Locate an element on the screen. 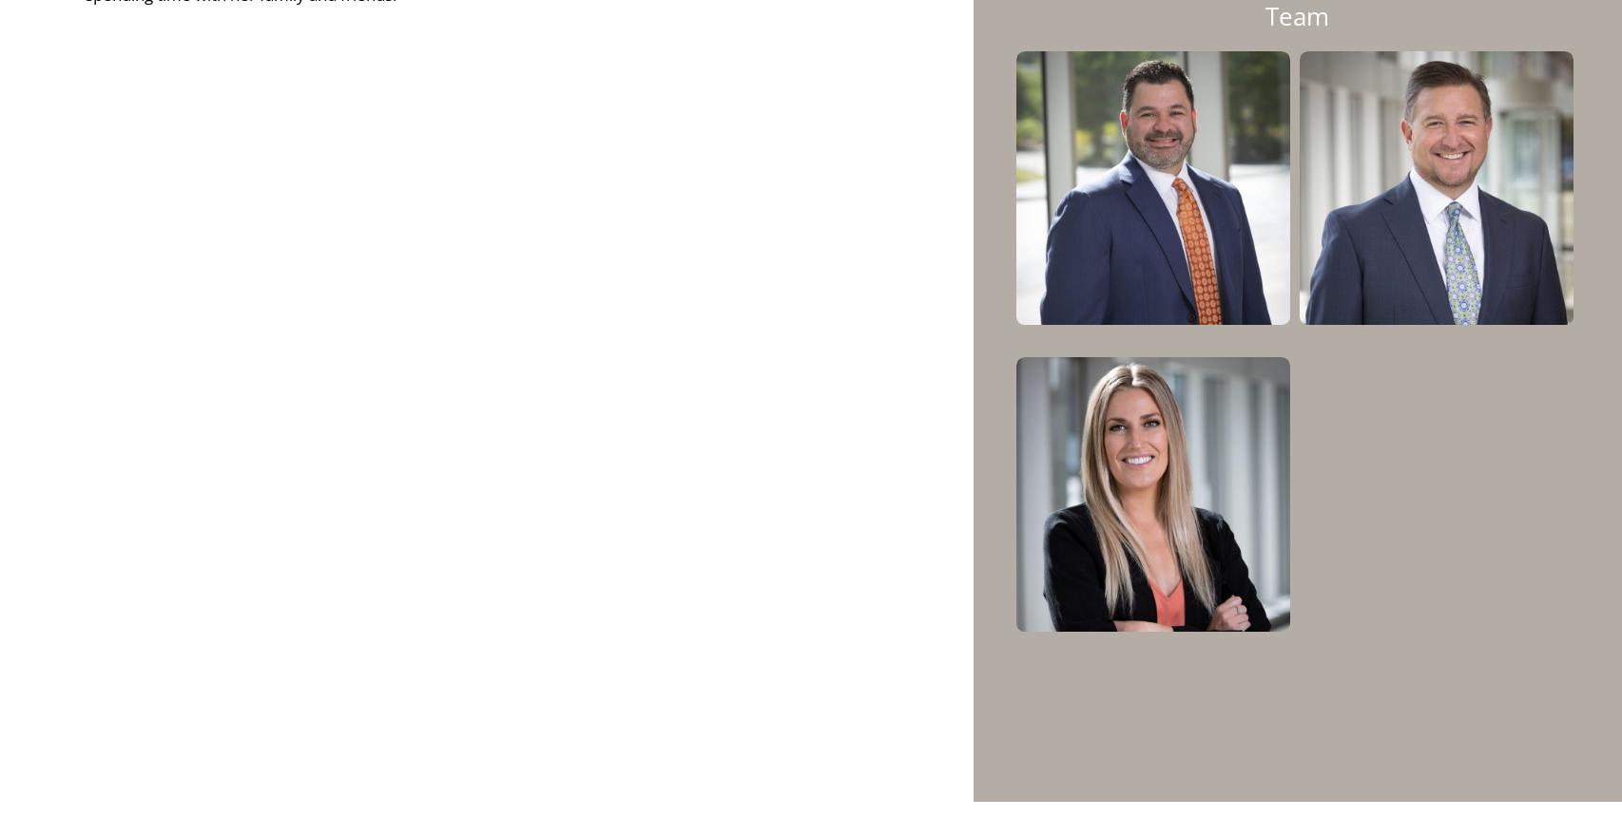 This screenshot has height=816, width=1622. 'Stay Informed' is located at coordinates (535, 730).